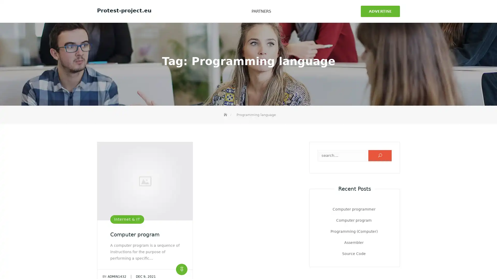 The width and height of the screenshot is (497, 279). What do you see at coordinates (380, 154) in the screenshot?
I see `U` at bounding box center [380, 154].